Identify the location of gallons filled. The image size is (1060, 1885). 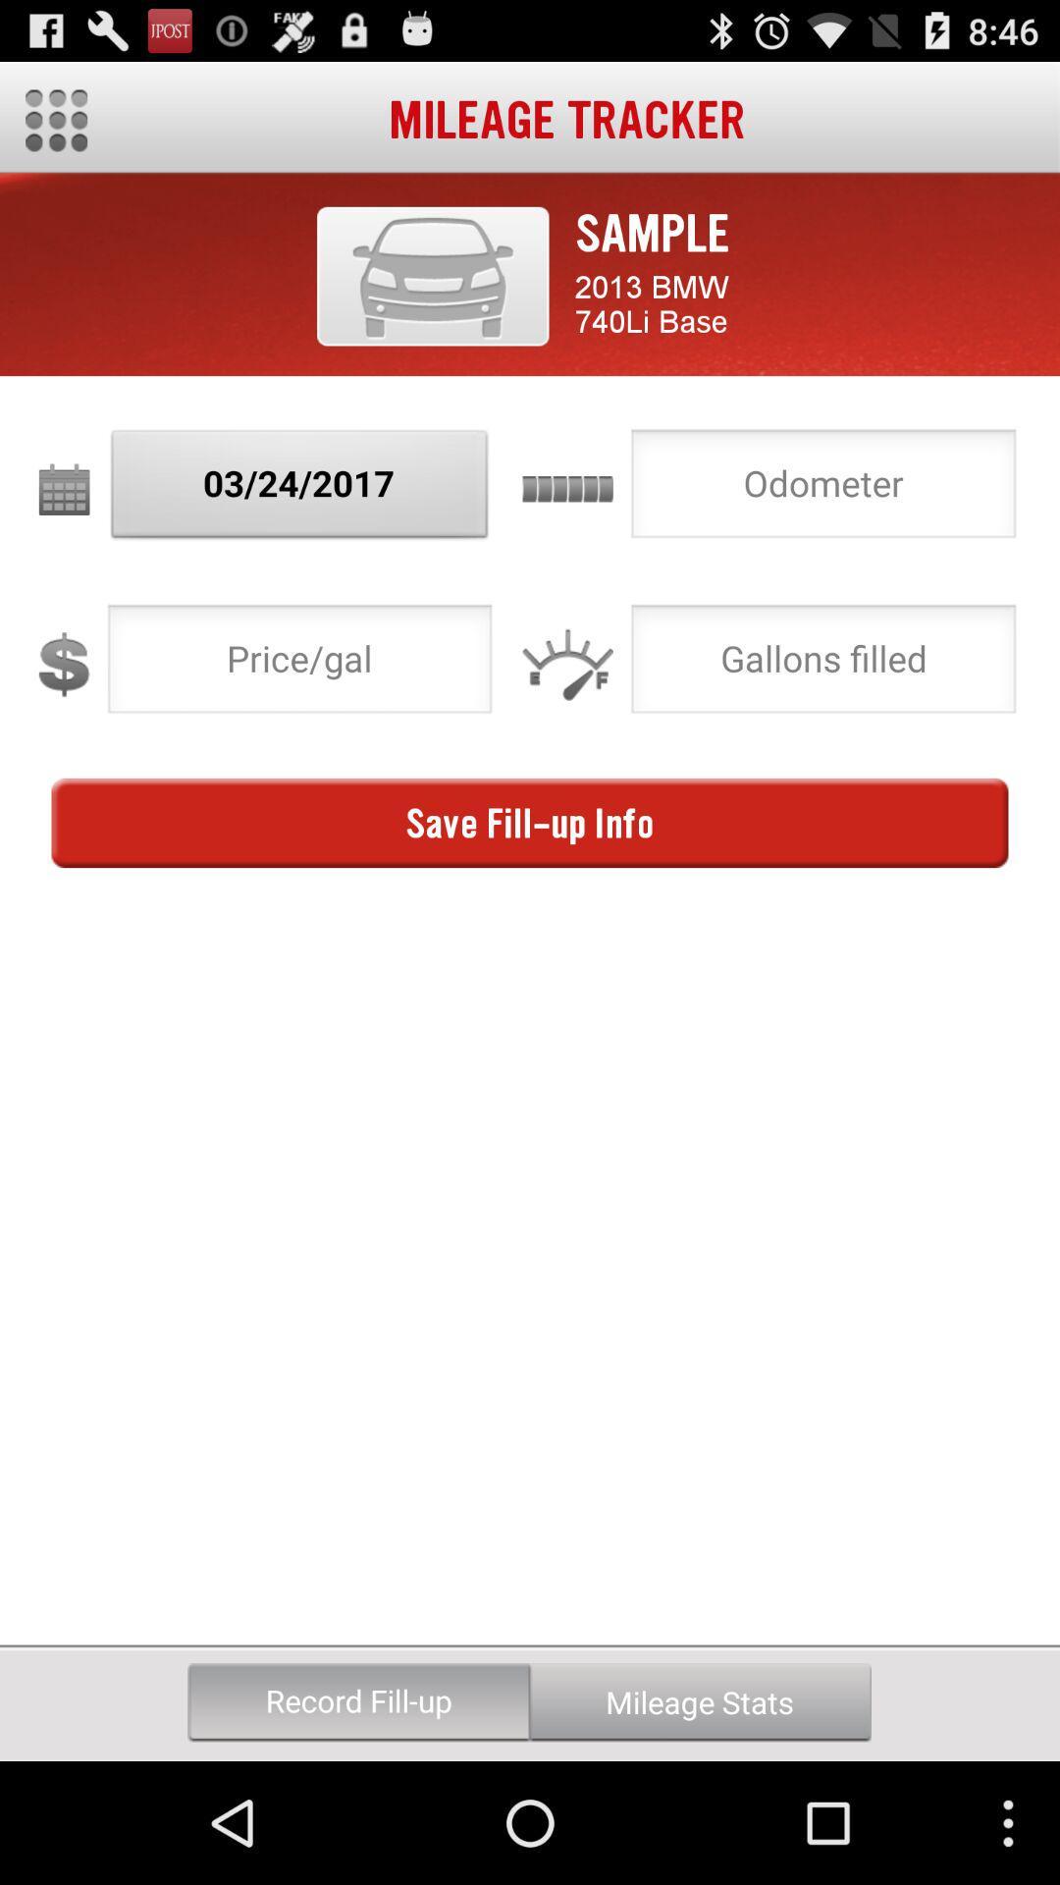
(823, 665).